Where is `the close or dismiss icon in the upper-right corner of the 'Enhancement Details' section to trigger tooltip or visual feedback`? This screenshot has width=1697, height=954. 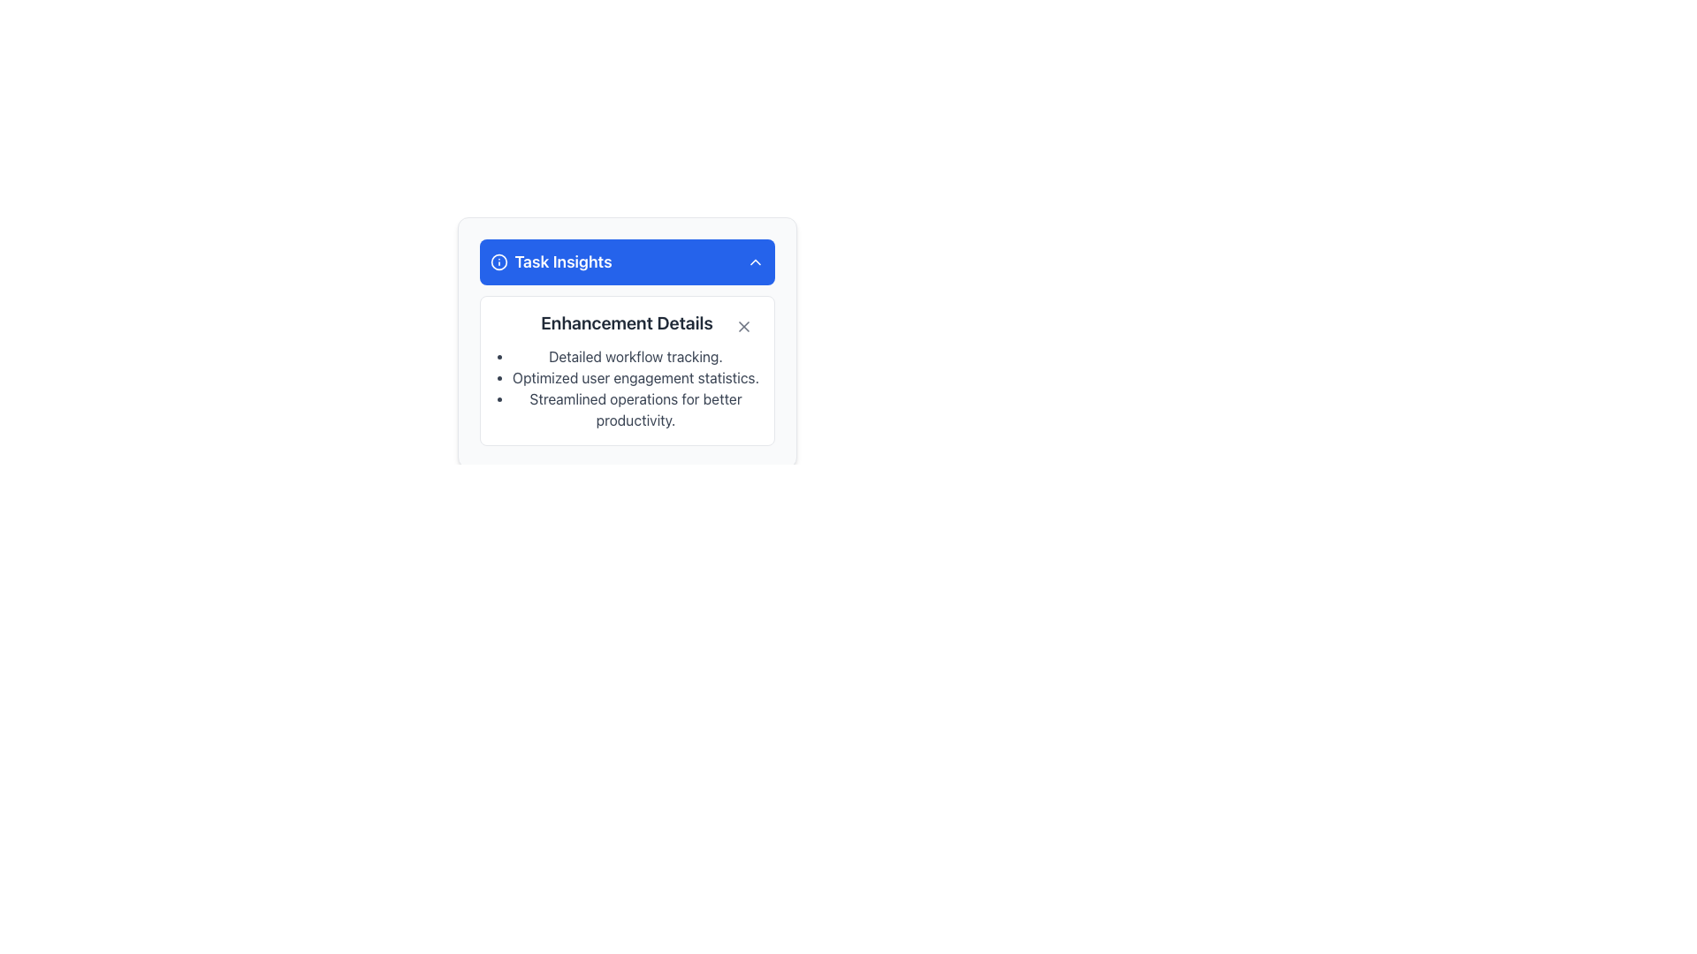
the close or dismiss icon in the upper-right corner of the 'Enhancement Details' section to trigger tooltip or visual feedback is located at coordinates (743, 327).